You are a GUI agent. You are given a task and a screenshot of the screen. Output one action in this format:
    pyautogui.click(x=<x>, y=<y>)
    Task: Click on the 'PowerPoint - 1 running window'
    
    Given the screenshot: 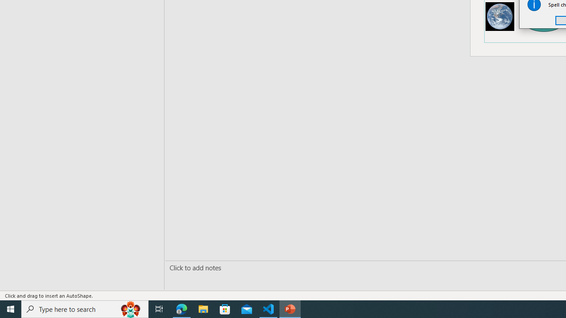 What is the action you would take?
    pyautogui.click(x=290, y=308)
    